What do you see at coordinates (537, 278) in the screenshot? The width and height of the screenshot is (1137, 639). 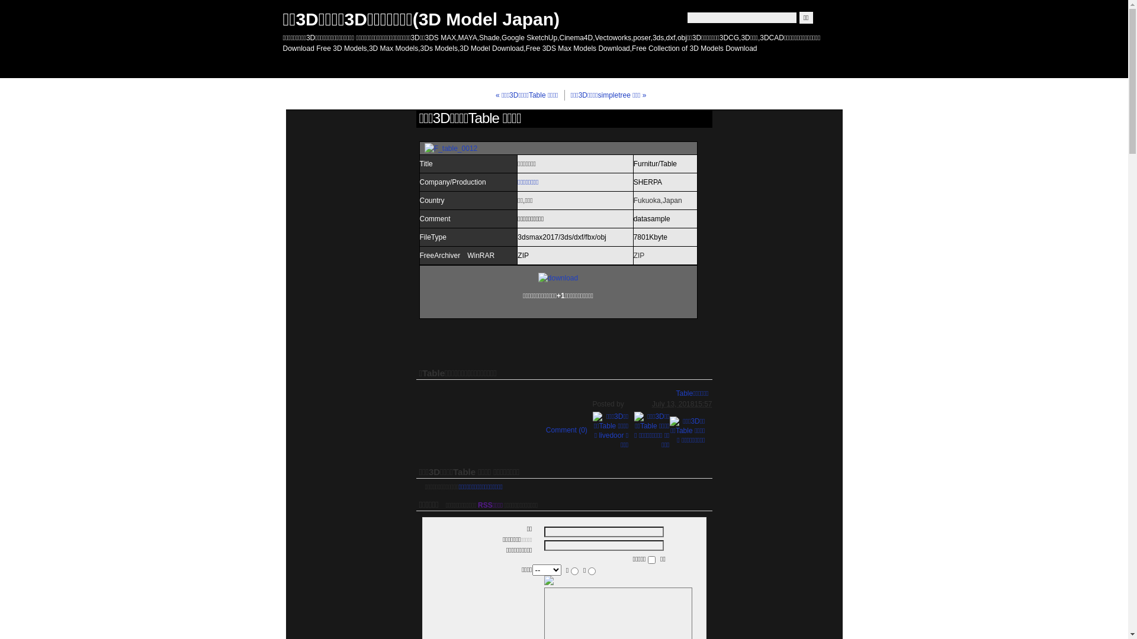 I see `'download'` at bounding box center [537, 278].